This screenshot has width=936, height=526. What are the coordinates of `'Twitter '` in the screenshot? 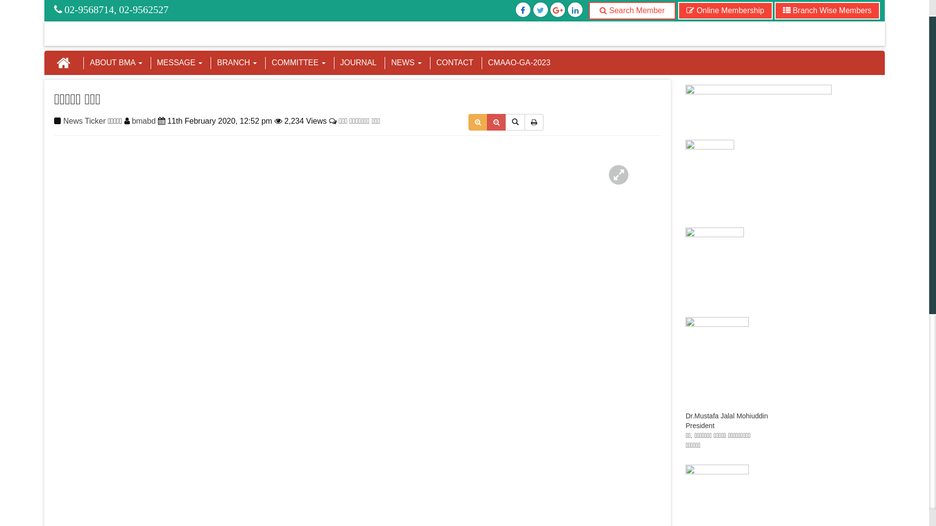 It's located at (523, 11).